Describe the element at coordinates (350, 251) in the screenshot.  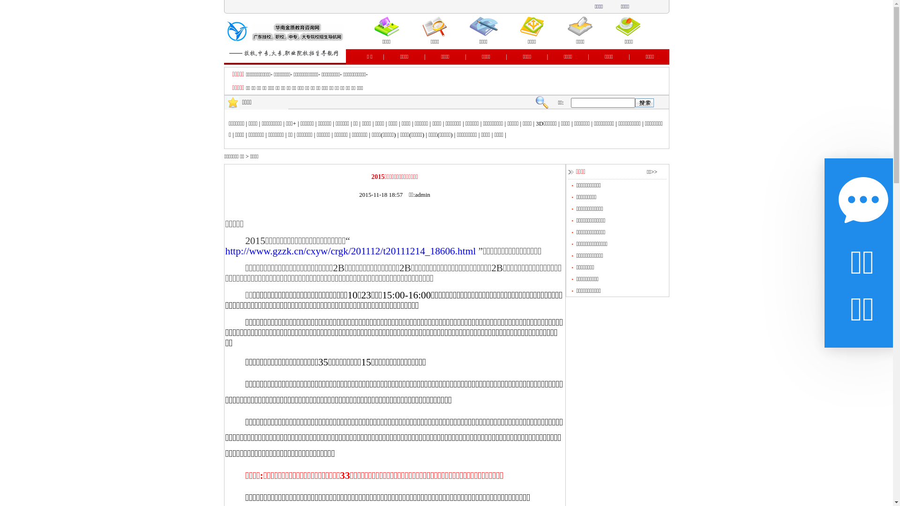
I see `'http://www.gzzk.cn/cxyw/crgk/201112/t20111214_18606.html'` at that location.